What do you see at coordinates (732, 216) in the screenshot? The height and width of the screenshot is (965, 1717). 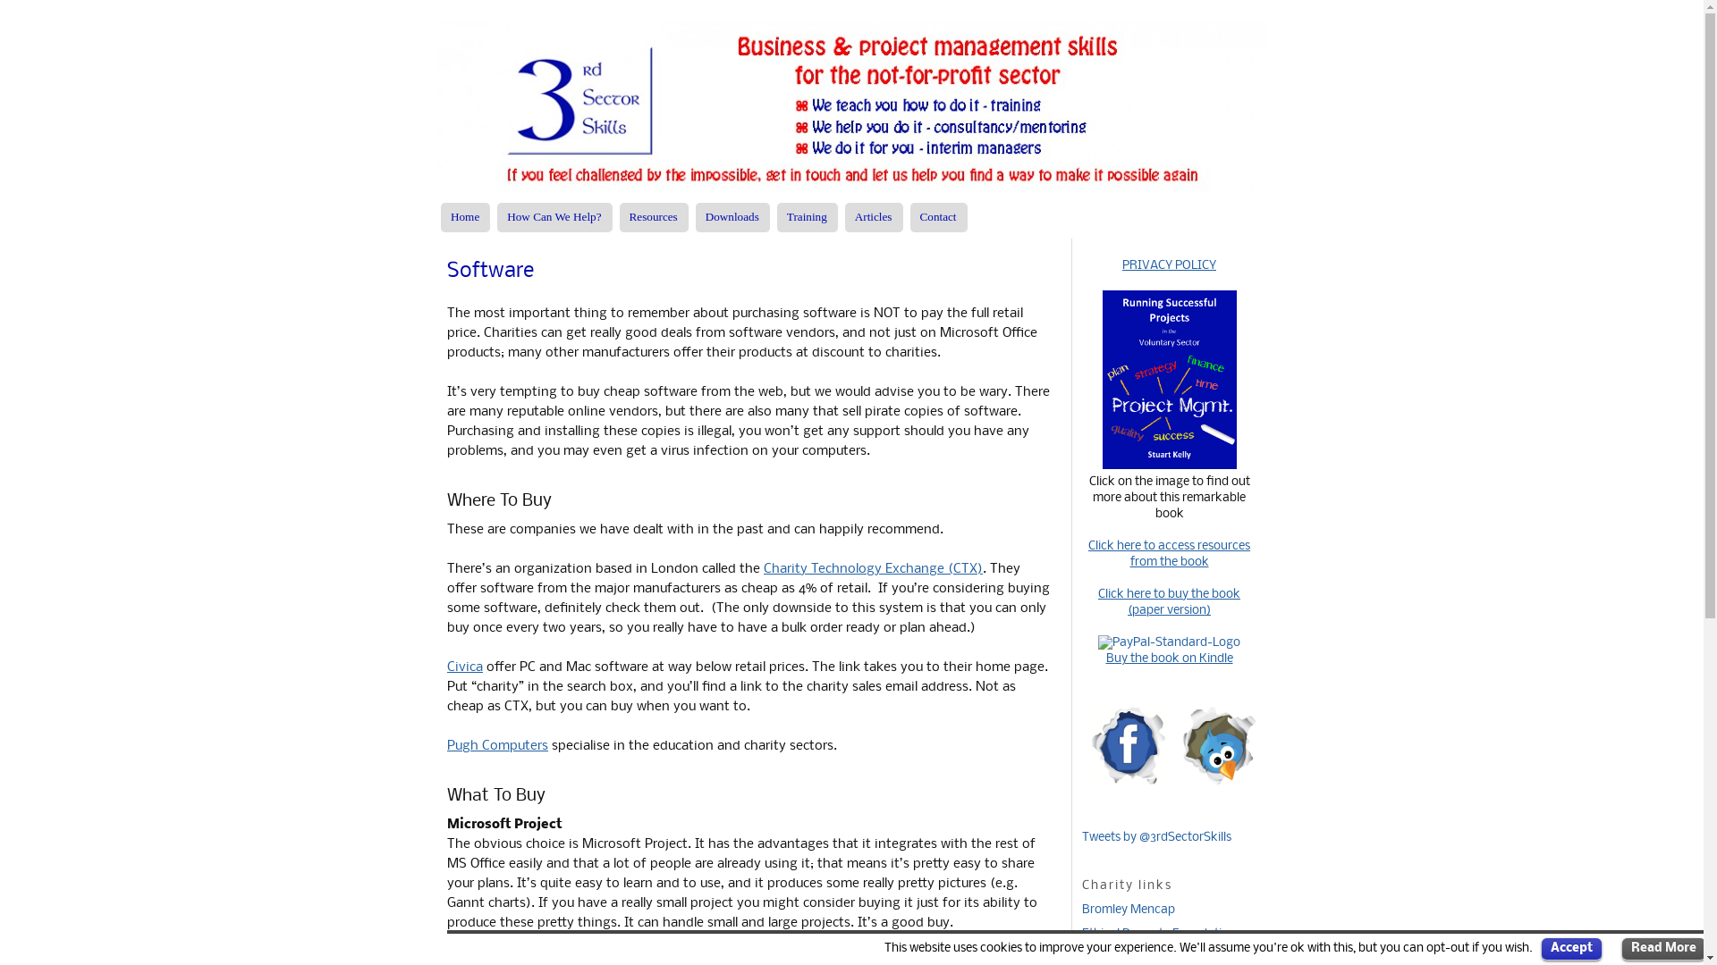 I see `'Downloads'` at bounding box center [732, 216].